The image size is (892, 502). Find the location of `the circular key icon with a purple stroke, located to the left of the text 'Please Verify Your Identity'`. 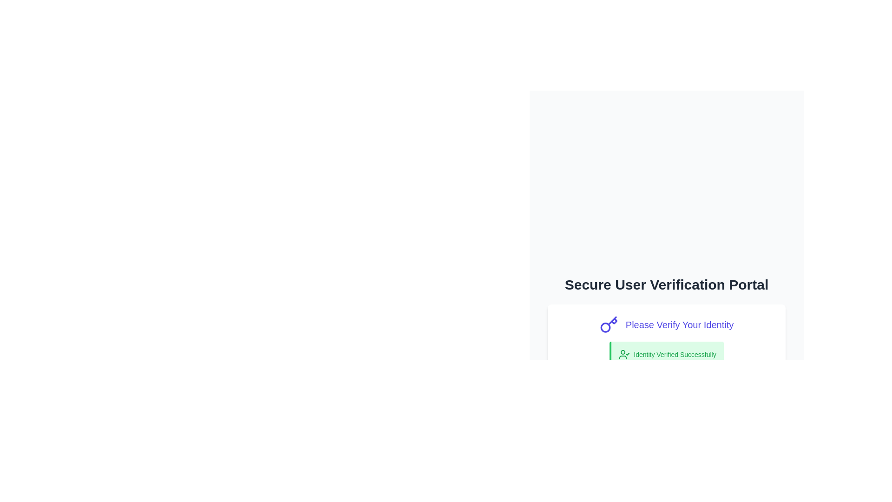

the circular key icon with a purple stroke, located to the left of the text 'Please Verify Your Identity' is located at coordinates (609, 324).